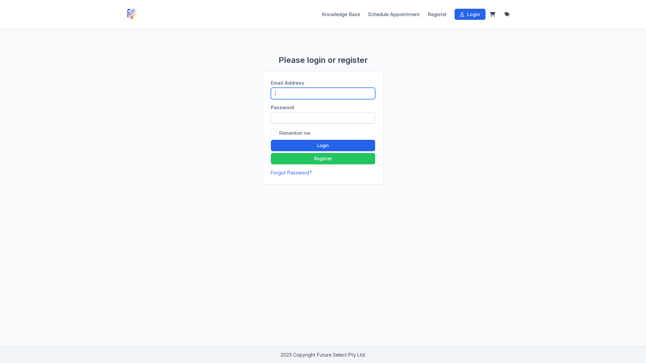 The image size is (646, 363). What do you see at coordinates (323, 158) in the screenshot?
I see `'Register'` at bounding box center [323, 158].